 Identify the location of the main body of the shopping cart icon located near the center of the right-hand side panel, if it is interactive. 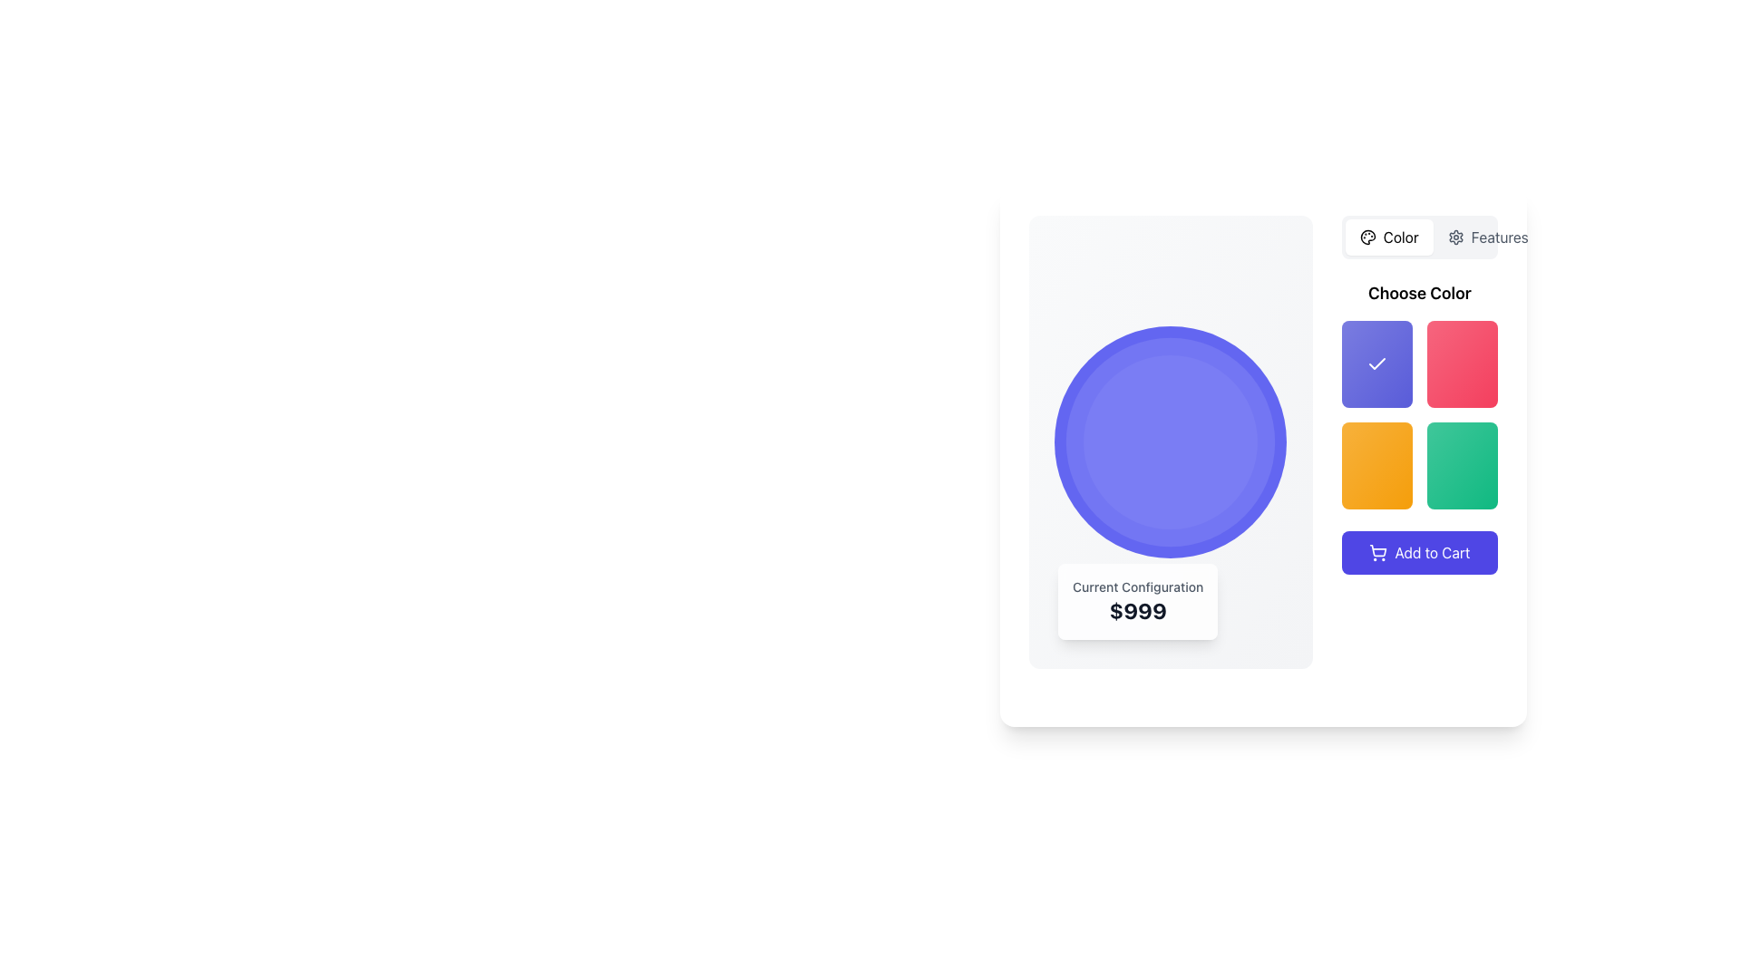
(1378, 549).